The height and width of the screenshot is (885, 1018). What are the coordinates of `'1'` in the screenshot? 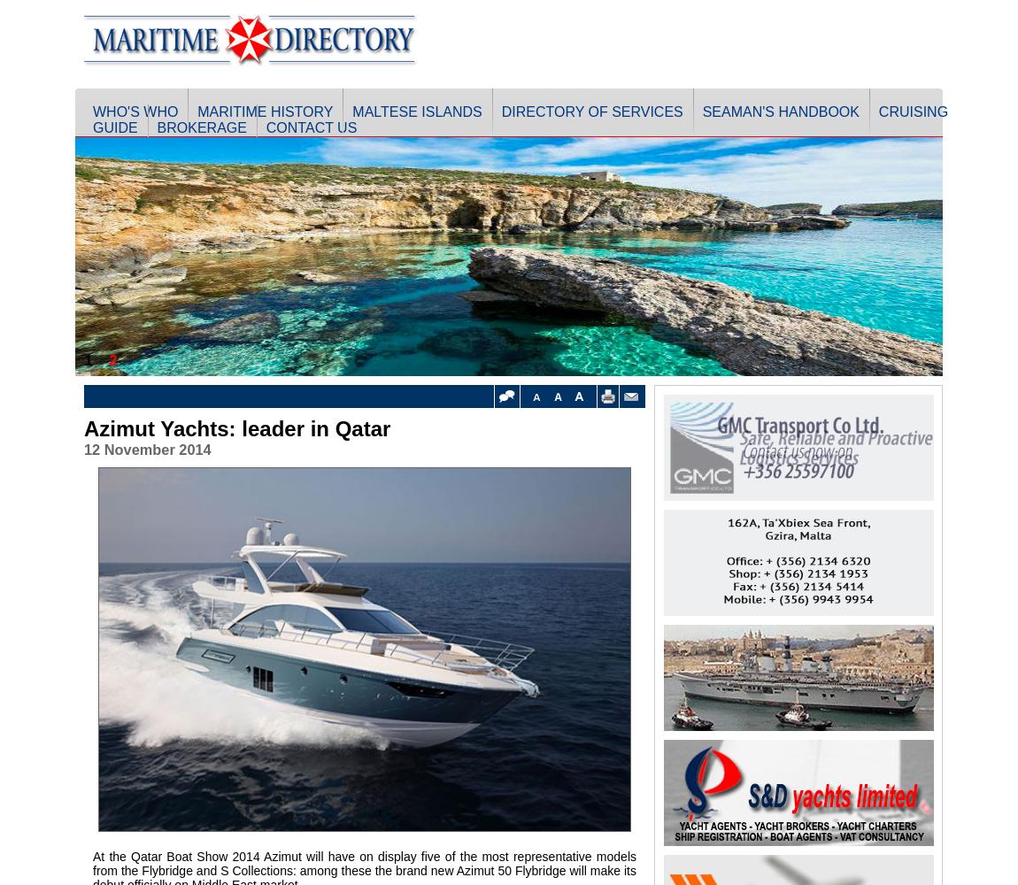 It's located at (87, 360).